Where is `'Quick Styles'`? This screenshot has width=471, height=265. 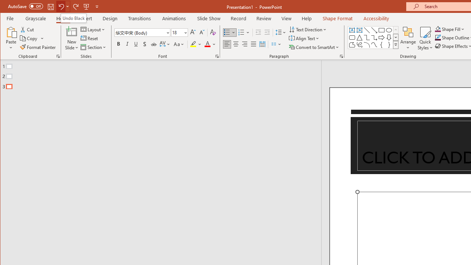
'Quick Styles' is located at coordinates (425, 38).